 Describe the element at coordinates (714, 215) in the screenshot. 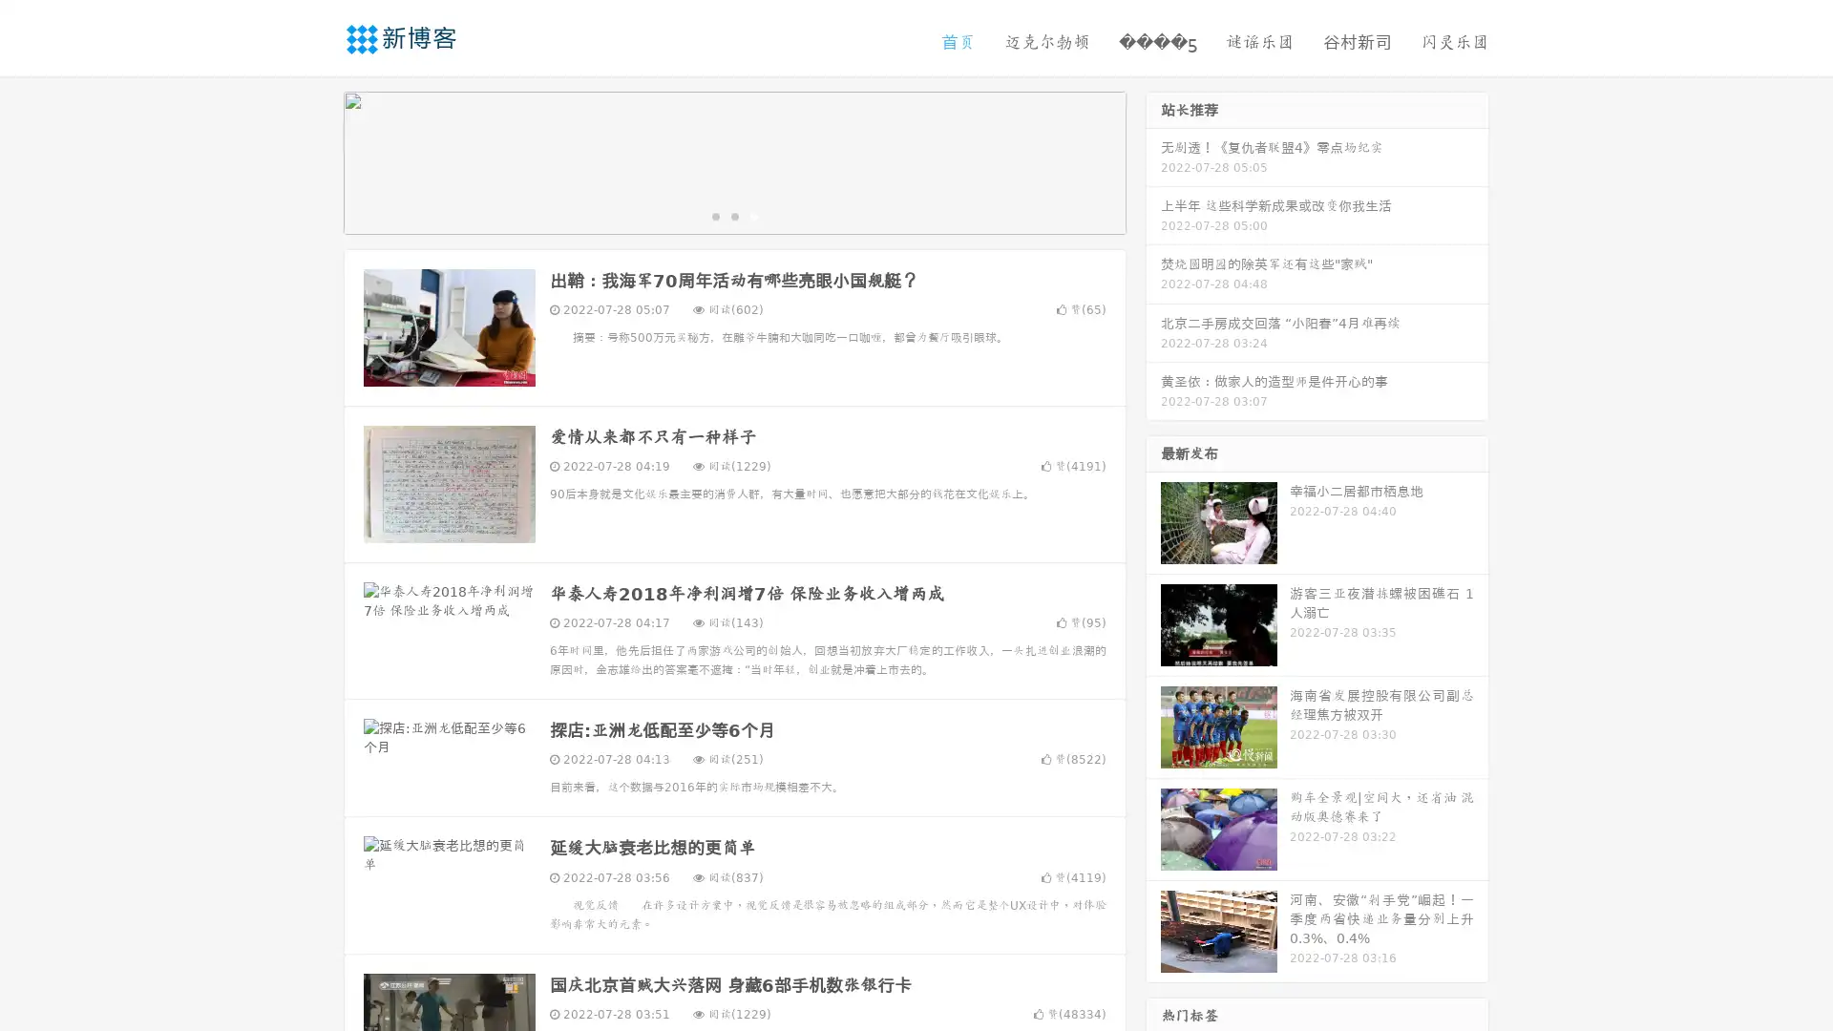

I see `Go to slide 1` at that location.